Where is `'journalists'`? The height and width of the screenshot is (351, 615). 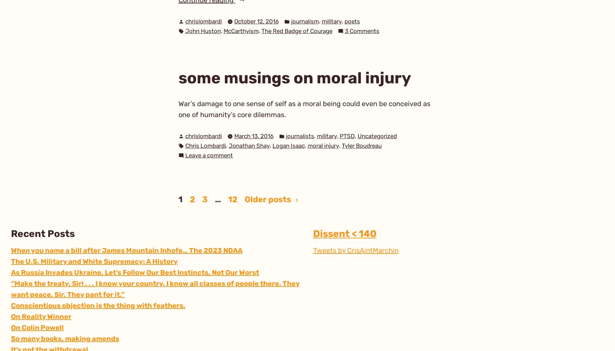 'journalists' is located at coordinates (300, 135).